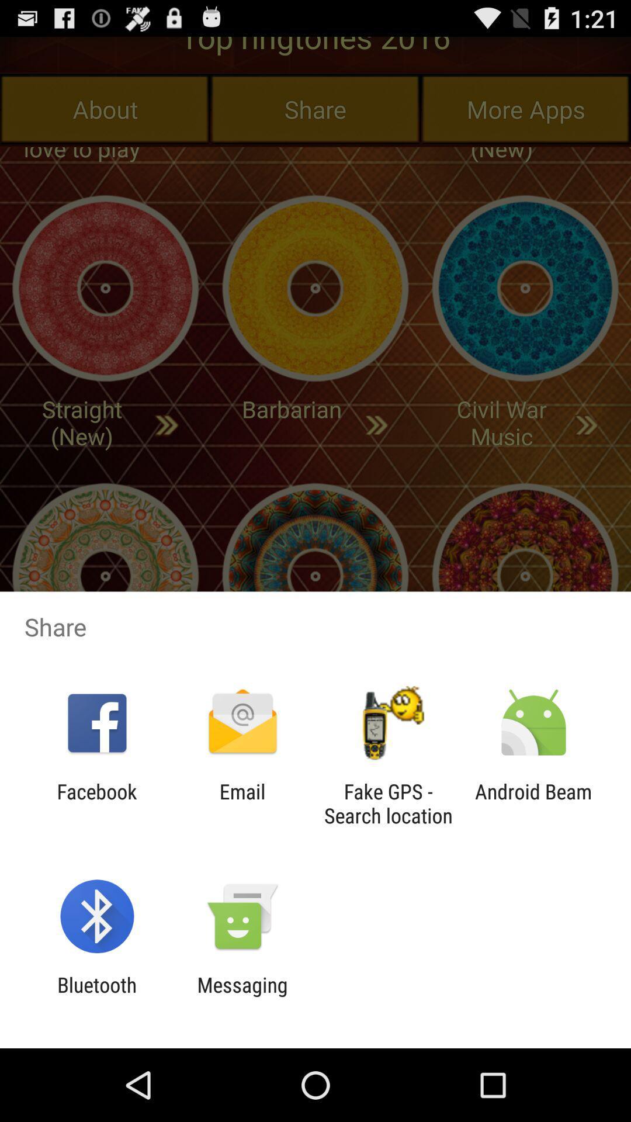  I want to click on icon next to the email app, so click(96, 803).